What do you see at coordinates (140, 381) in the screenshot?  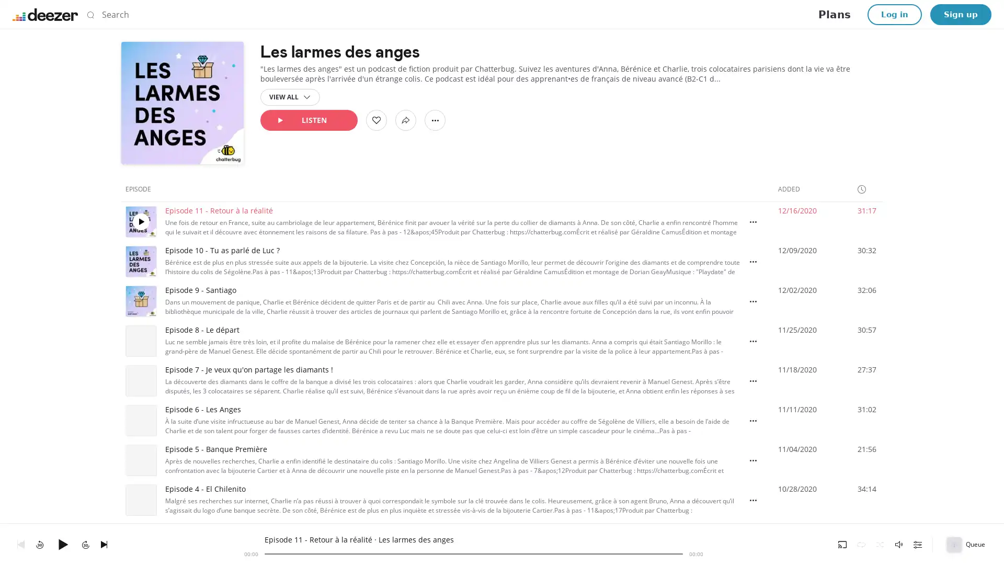 I see `Play Episode 7 - Je veux qu'on partage les diamants ! by Les larmes des anges` at bounding box center [140, 381].